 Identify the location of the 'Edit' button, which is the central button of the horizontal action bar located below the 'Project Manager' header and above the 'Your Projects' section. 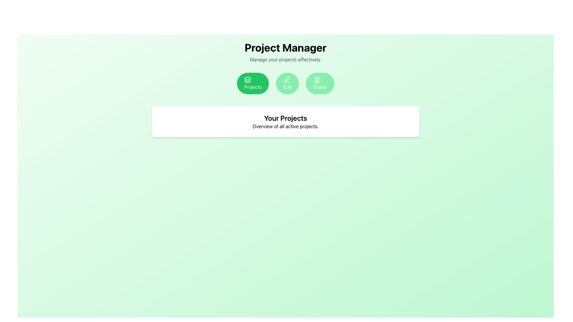
(285, 83).